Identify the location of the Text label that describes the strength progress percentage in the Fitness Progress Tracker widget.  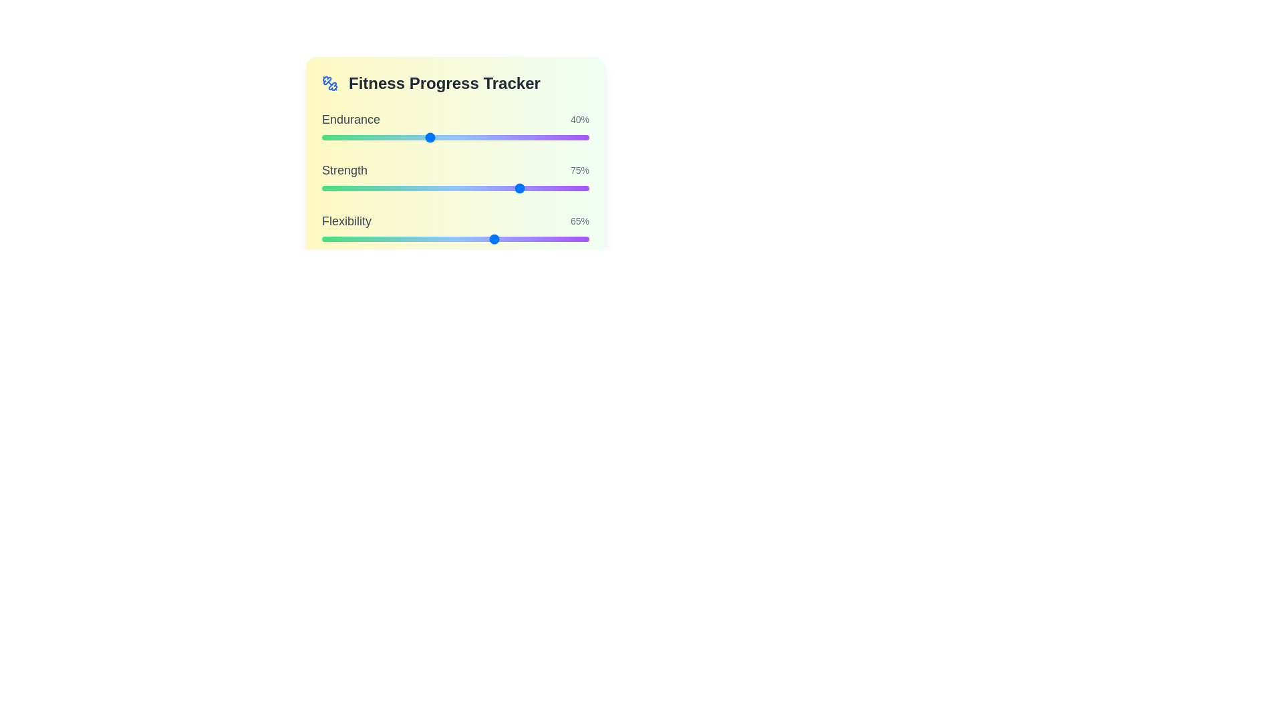
(345, 169).